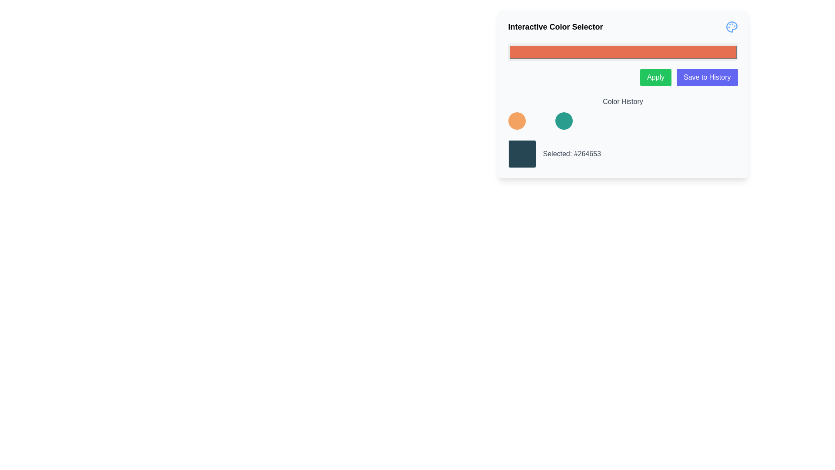 This screenshot has height=470, width=835. I want to click on the individual colored circular icons within the 'Color History' interactive display panel, so click(622, 112).